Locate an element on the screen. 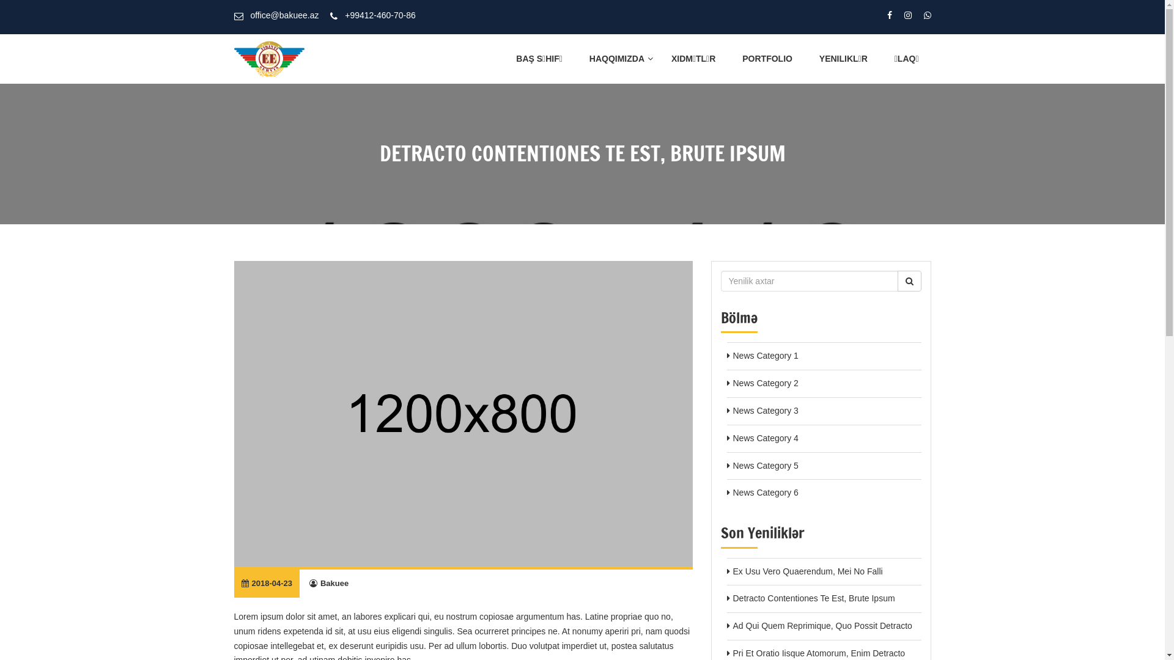 This screenshot has height=660, width=1174. 'News Category 3' is located at coordinates (764, 410).